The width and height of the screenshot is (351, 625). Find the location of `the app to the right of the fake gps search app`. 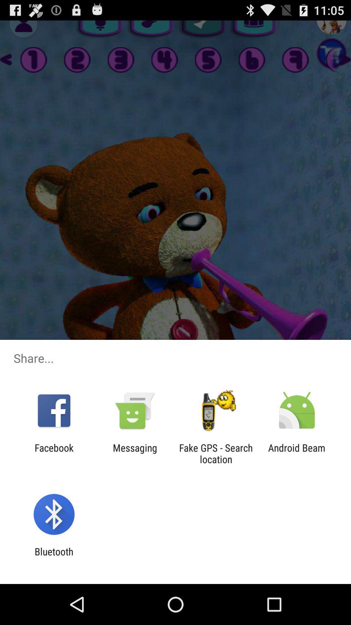

the app to the right of the fake gps search app is located at coordinates (297, 453).